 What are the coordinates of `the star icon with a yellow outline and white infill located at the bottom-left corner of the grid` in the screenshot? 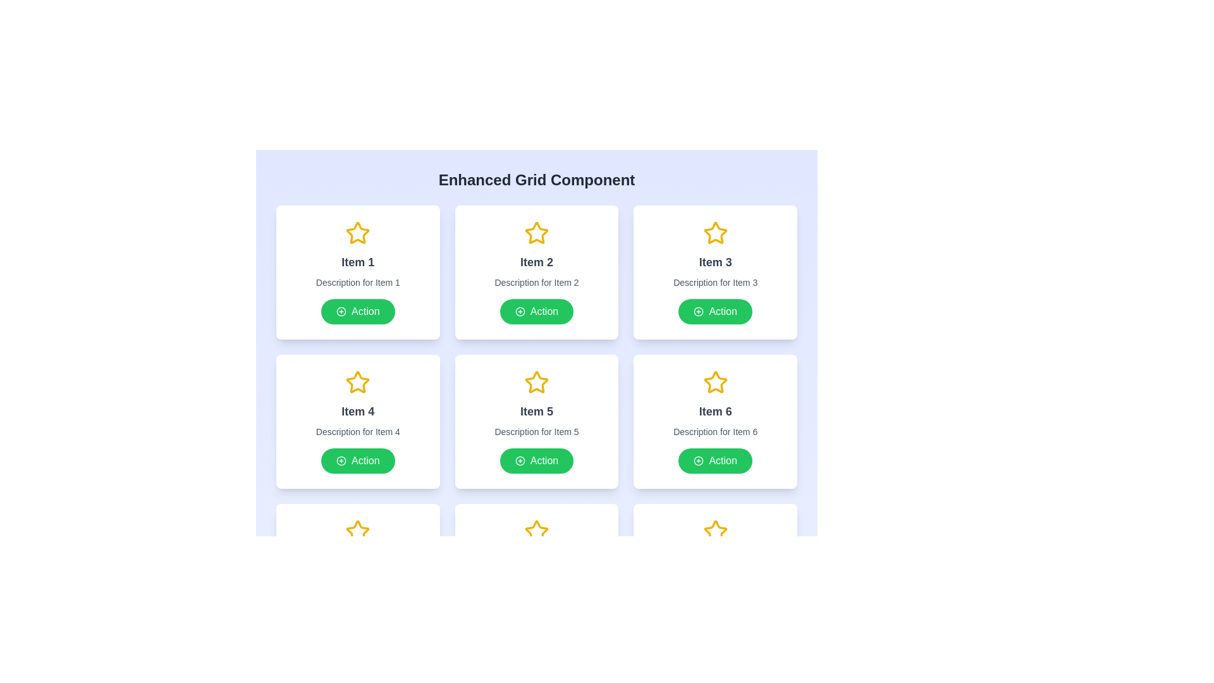 It's located at (357, 531).